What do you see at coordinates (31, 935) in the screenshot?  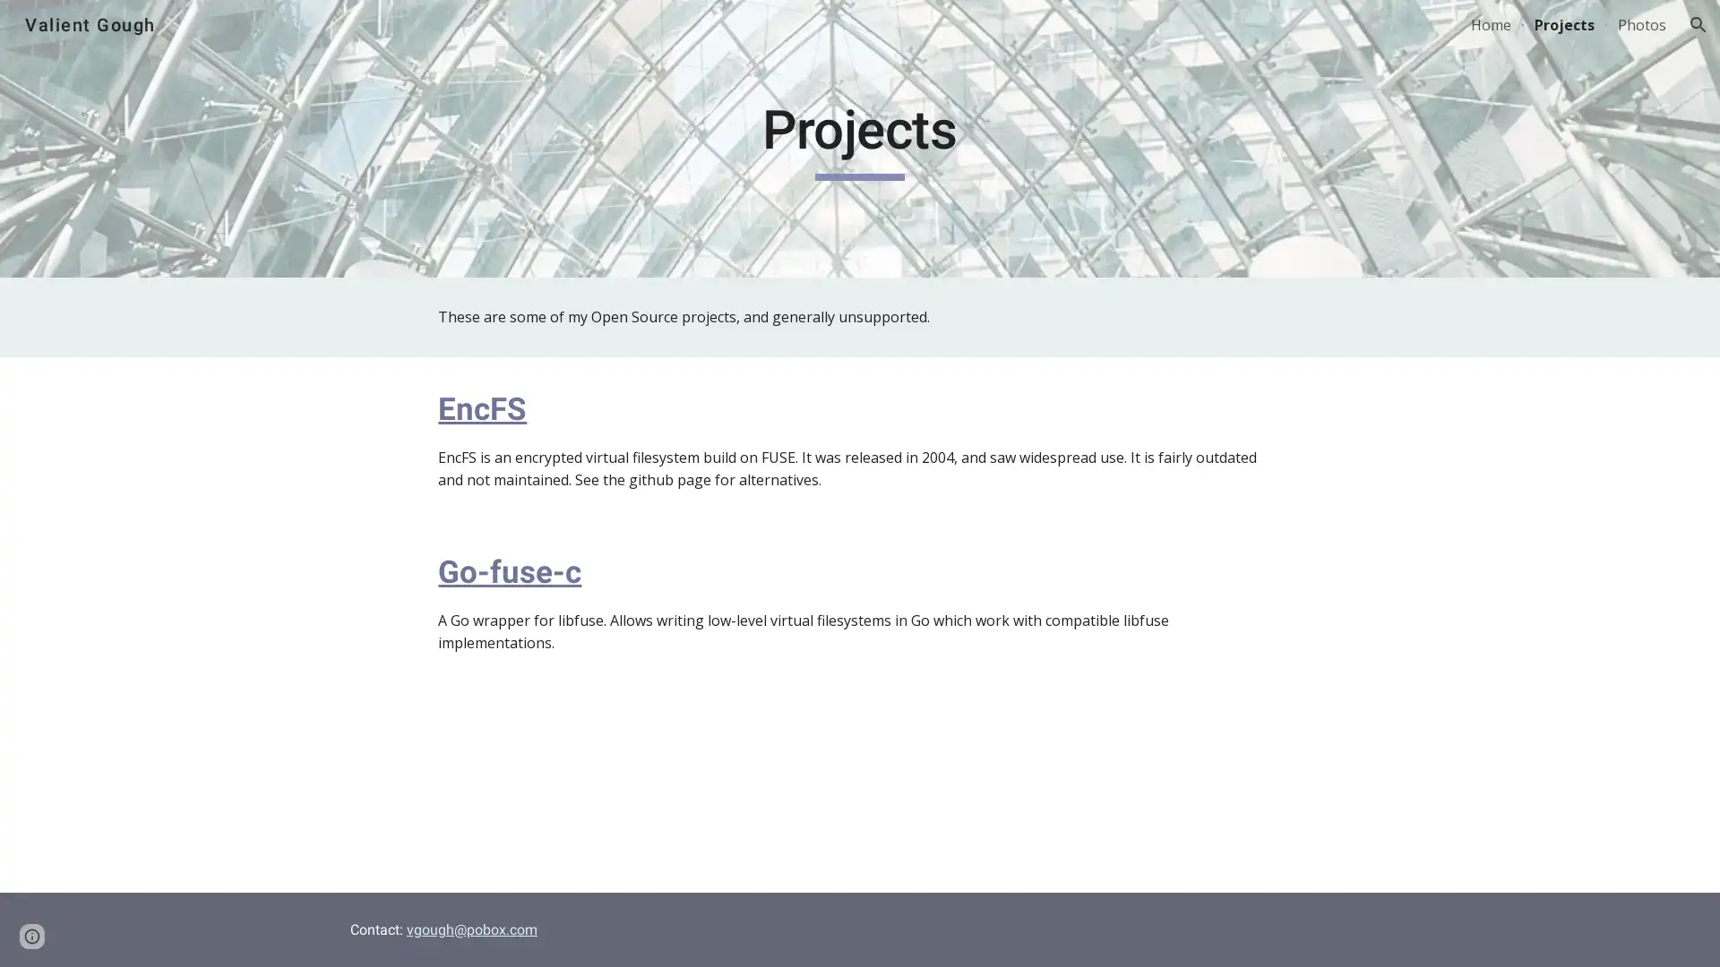 I see `Site actions` at bounding box center [31, 935].